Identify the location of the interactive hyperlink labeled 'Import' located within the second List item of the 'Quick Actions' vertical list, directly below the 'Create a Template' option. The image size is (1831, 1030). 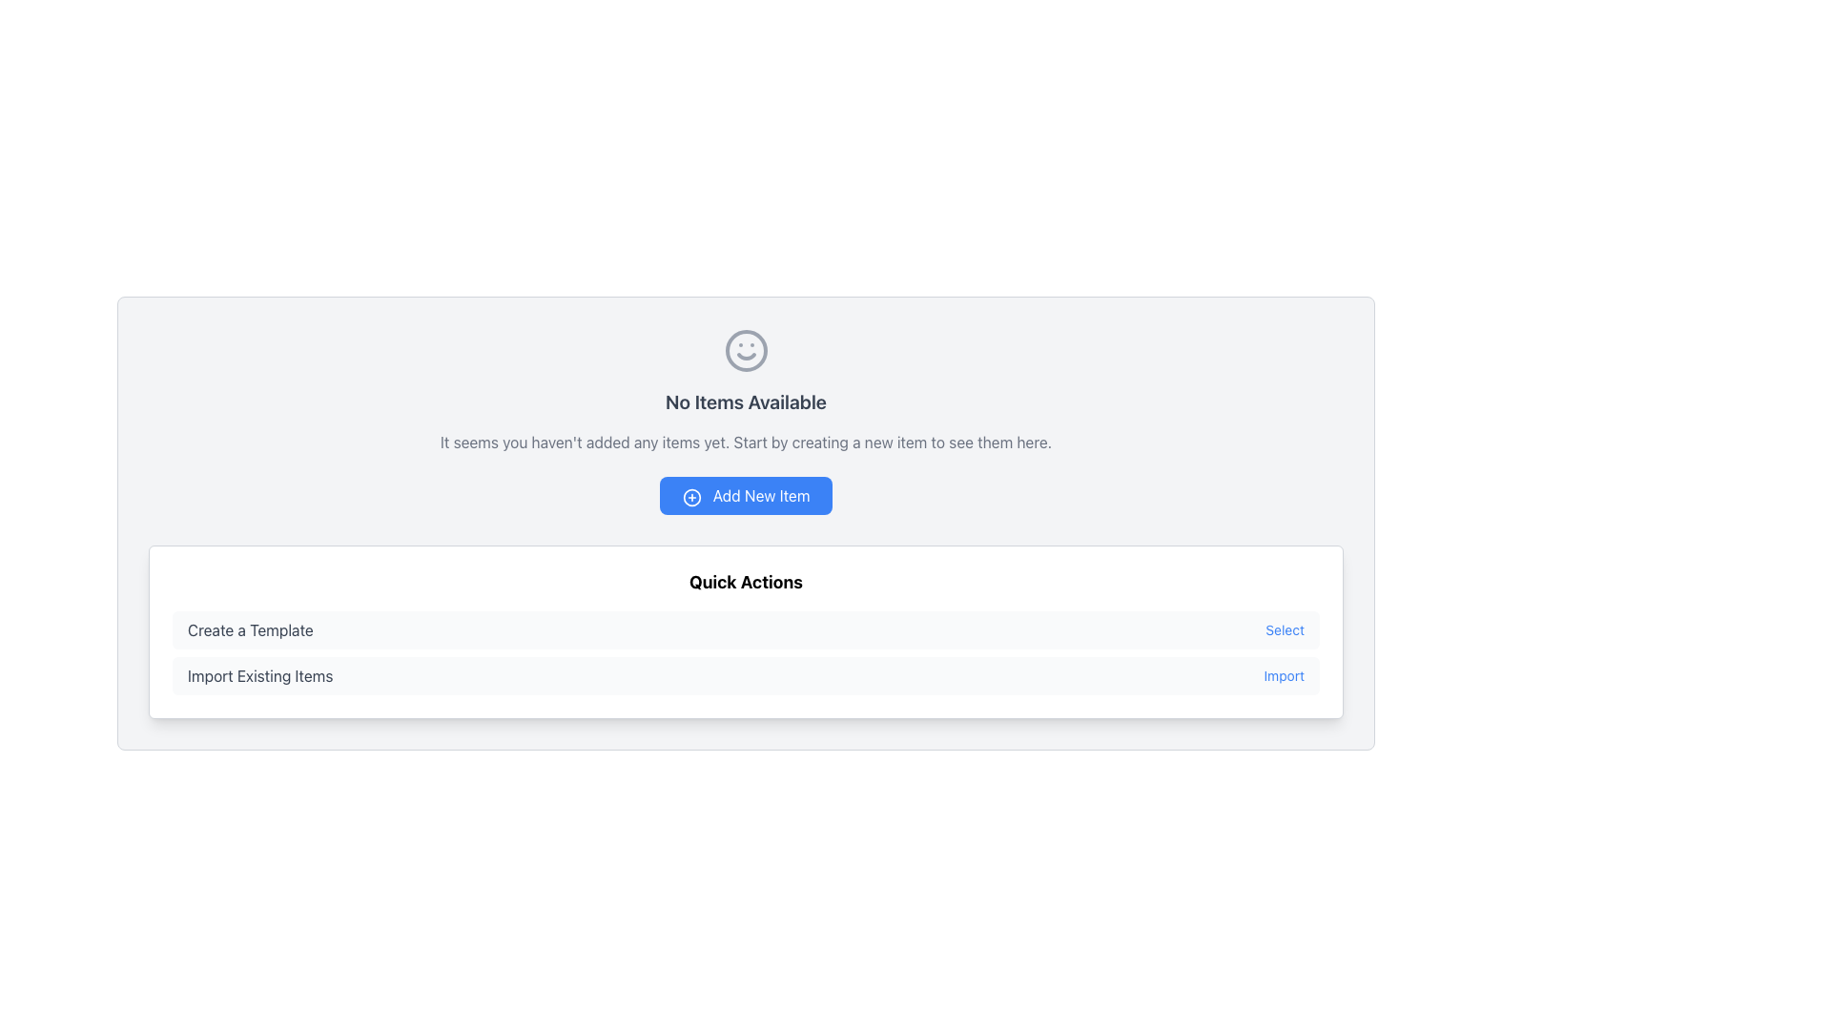
(745, 675).